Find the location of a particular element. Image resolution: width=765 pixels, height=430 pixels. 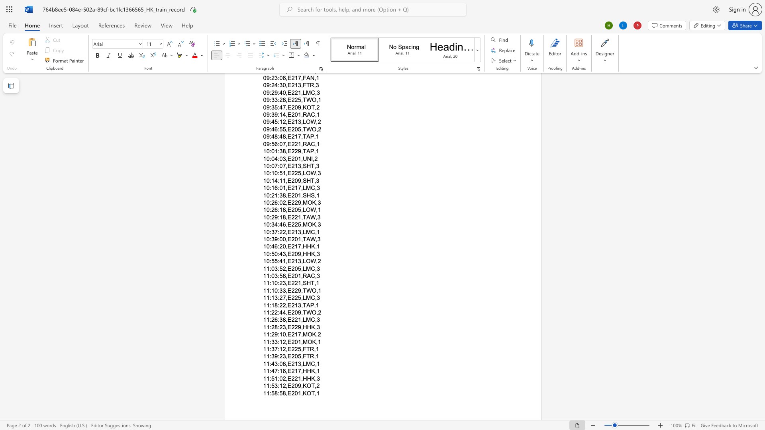

the subset text ",E" within the text "11:03:52,E205,LMC,3" is located at coordinates (286, 268).